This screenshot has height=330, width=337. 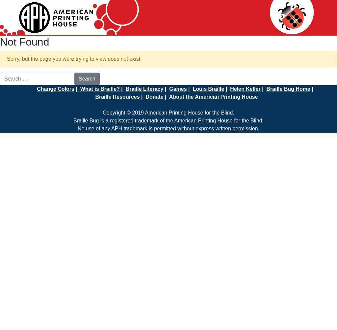 I want to click on 'Change Colors', so click(x=55, y=89).